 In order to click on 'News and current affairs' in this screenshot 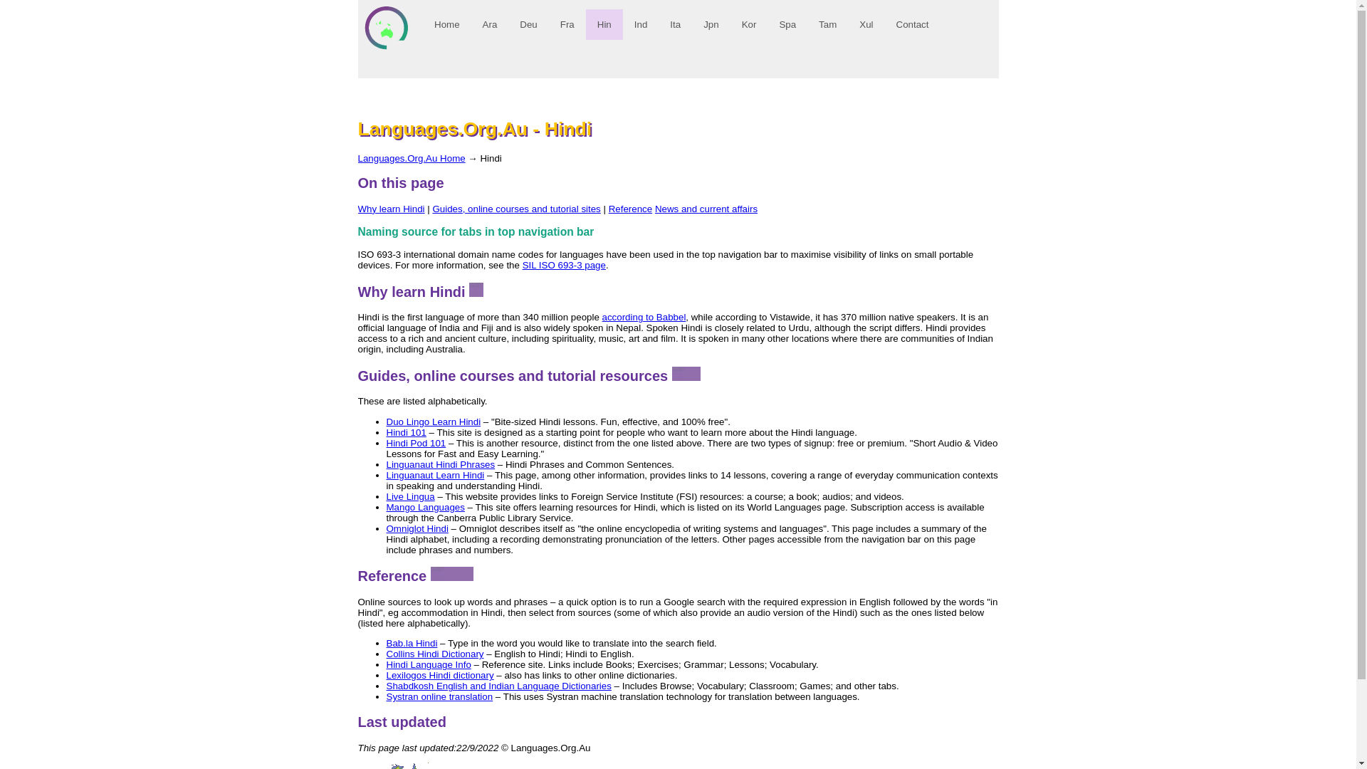, I will do `click(706, 209)`.